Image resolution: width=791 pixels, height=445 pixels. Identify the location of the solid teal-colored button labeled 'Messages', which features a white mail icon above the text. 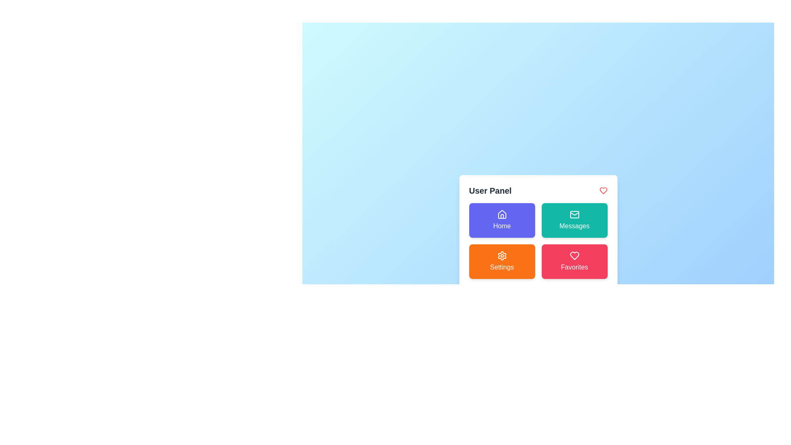
(574, 220).